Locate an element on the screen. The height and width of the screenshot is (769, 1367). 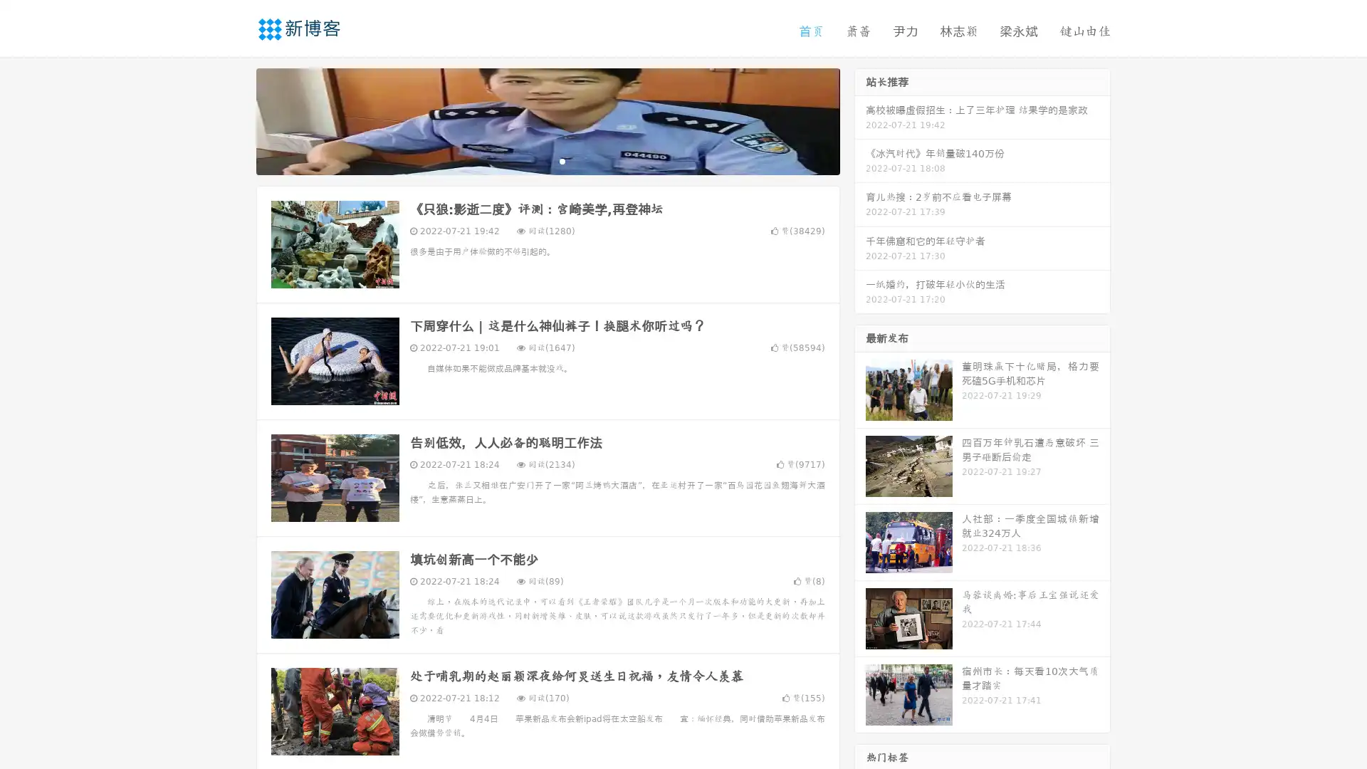
Go to slide 1 is located at coordinates (533, 160).